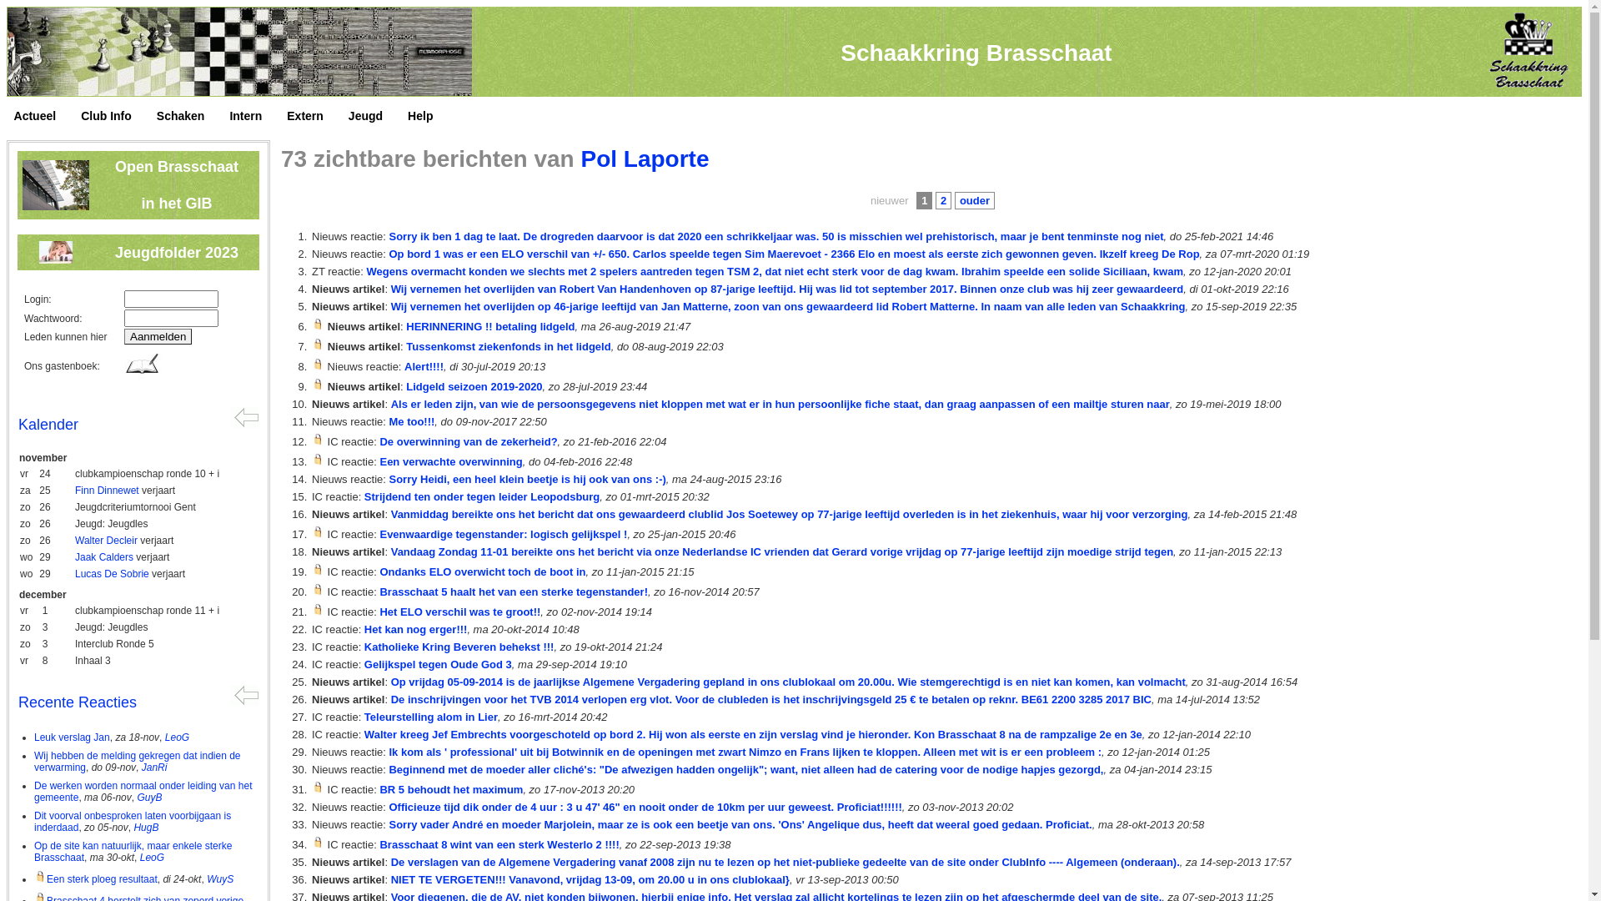 This screenshot has width=1601, height=901. I want to click on 'Help', so click(408, 116).